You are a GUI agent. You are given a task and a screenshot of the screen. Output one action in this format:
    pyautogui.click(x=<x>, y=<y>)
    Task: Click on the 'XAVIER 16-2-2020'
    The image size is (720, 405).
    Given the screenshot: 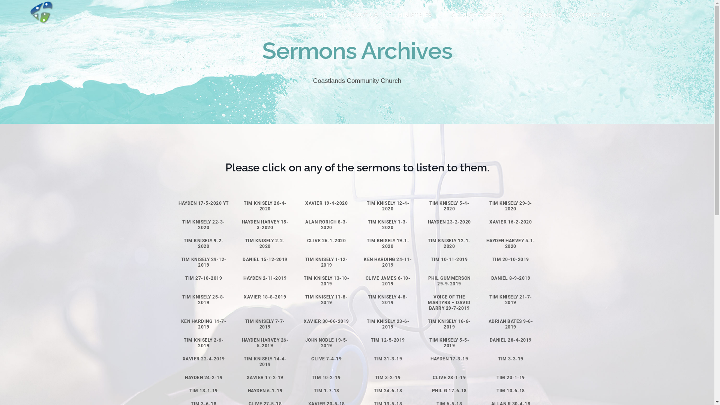 What is the action you would take?
    pyautogui.click(x=489, y=221)
    